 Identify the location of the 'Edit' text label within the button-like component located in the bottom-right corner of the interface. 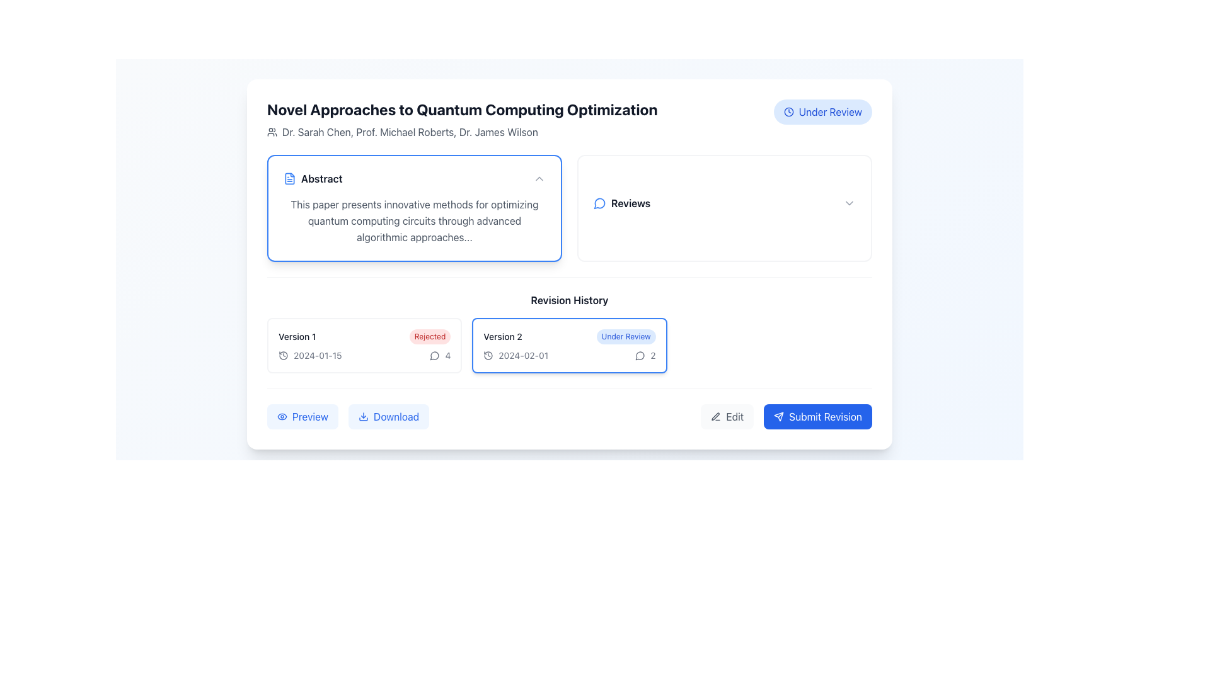
(735, 417).